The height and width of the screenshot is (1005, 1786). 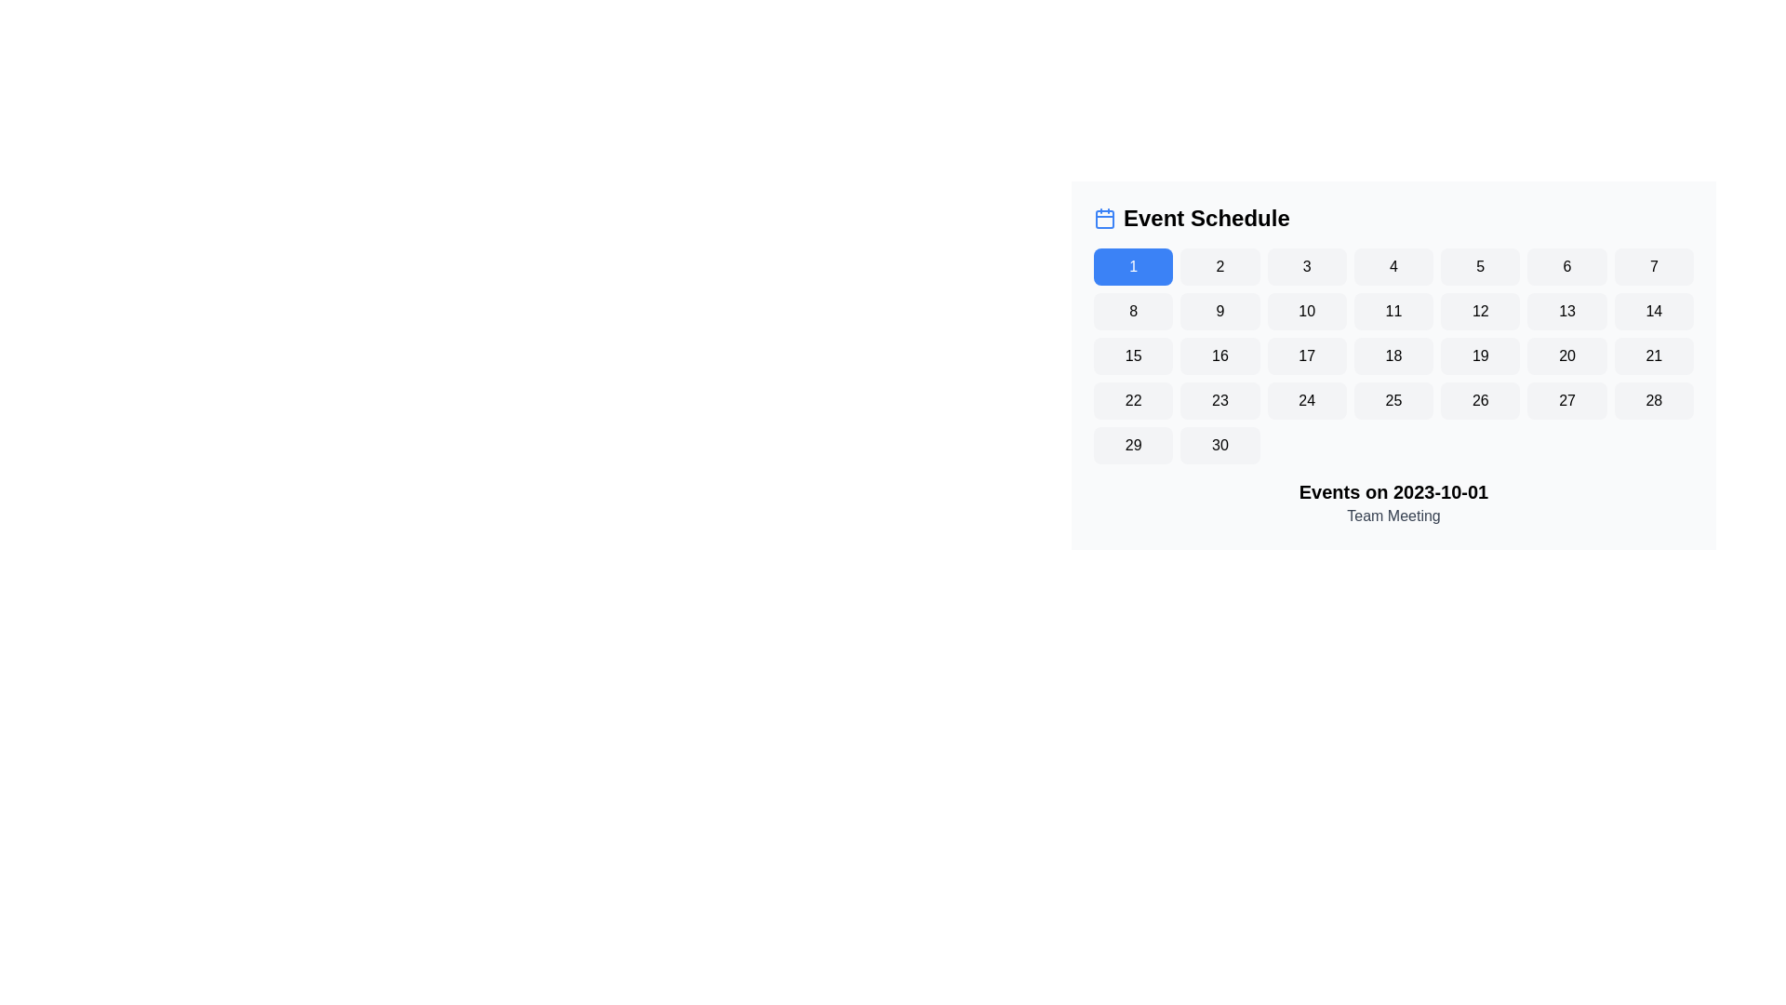 I want to click on the button representing the date '8' in the calendar grid, so click(x=1132, y=311).